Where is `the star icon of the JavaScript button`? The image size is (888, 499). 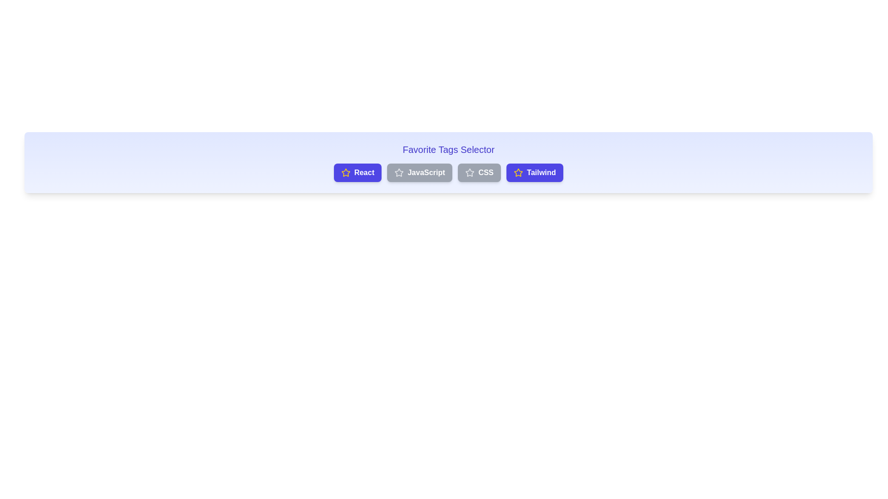 the star icon of the JavaScript button is located at coordinates (399, 173).